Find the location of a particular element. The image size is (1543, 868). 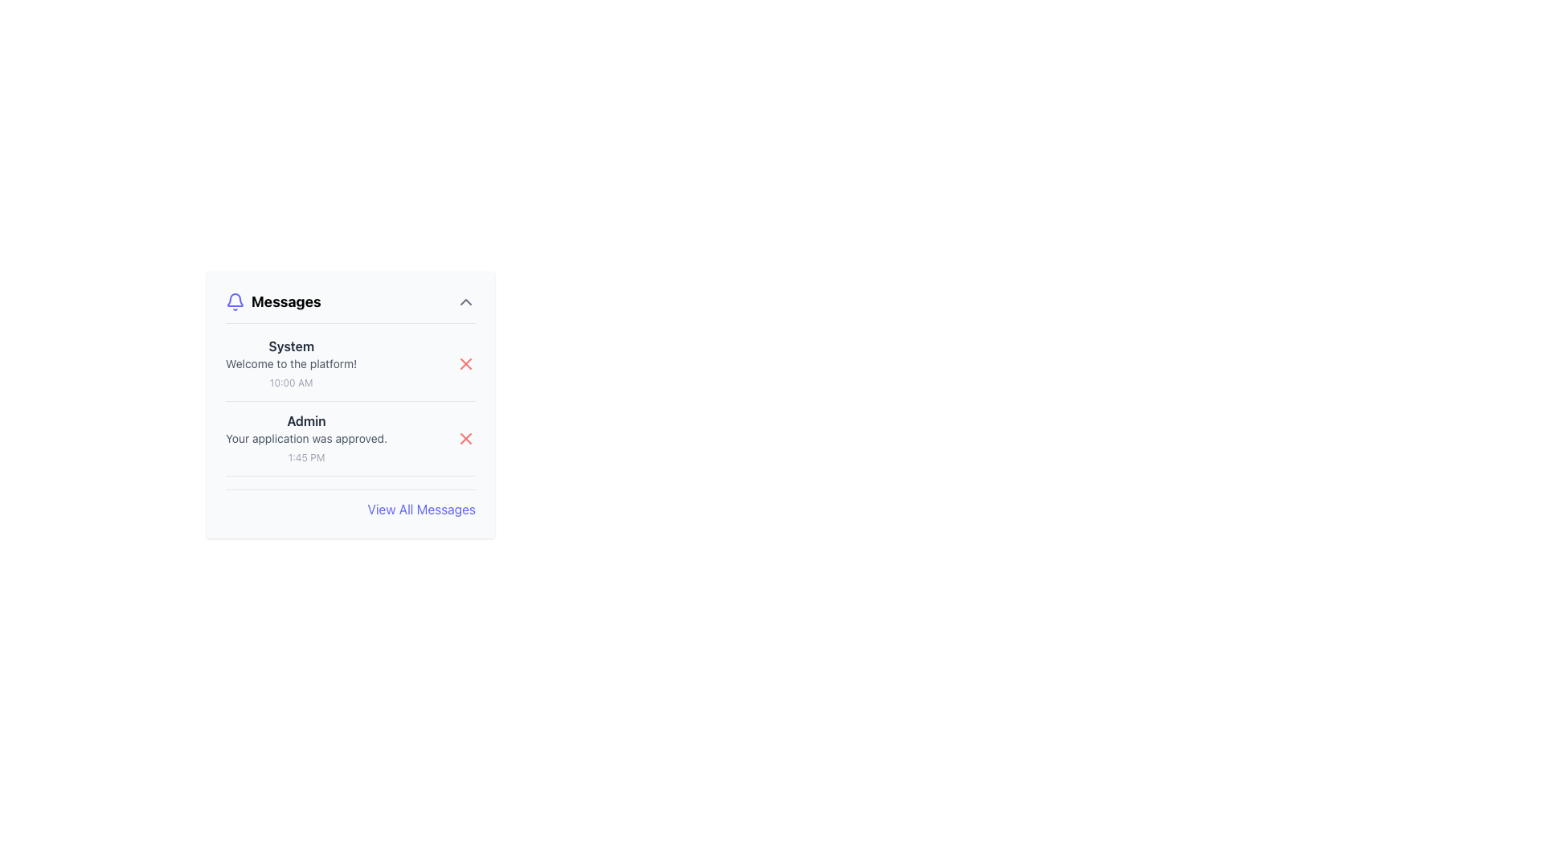

static text component displaying '1:45 PM' located at the bottom-right corner of the notification from 'Admin', beneath the message content 'Your application was approved.' is located at coordinates (306, 457).